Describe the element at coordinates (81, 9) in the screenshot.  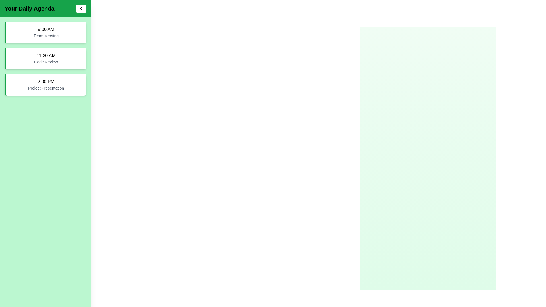
I see `the back navigation button, which is a chevron-left icon located in the top right corner of the green header bar, next to 'Your Daily Agenda'` at that location.